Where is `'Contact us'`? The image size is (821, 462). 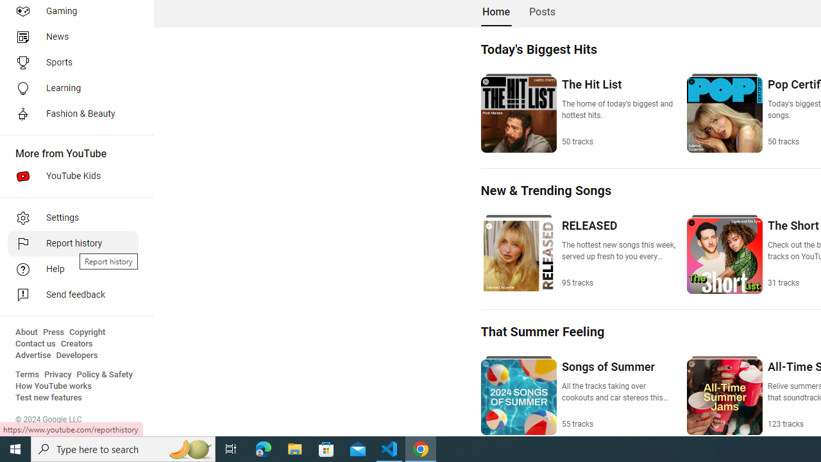 'Contact us' is located at coordinates (35, 343).